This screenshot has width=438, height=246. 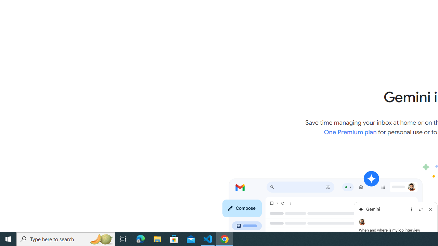 What do you see at coordinates (8, 238) in the screenshot?
I see `'Start'` at bounding box center [8, 238].